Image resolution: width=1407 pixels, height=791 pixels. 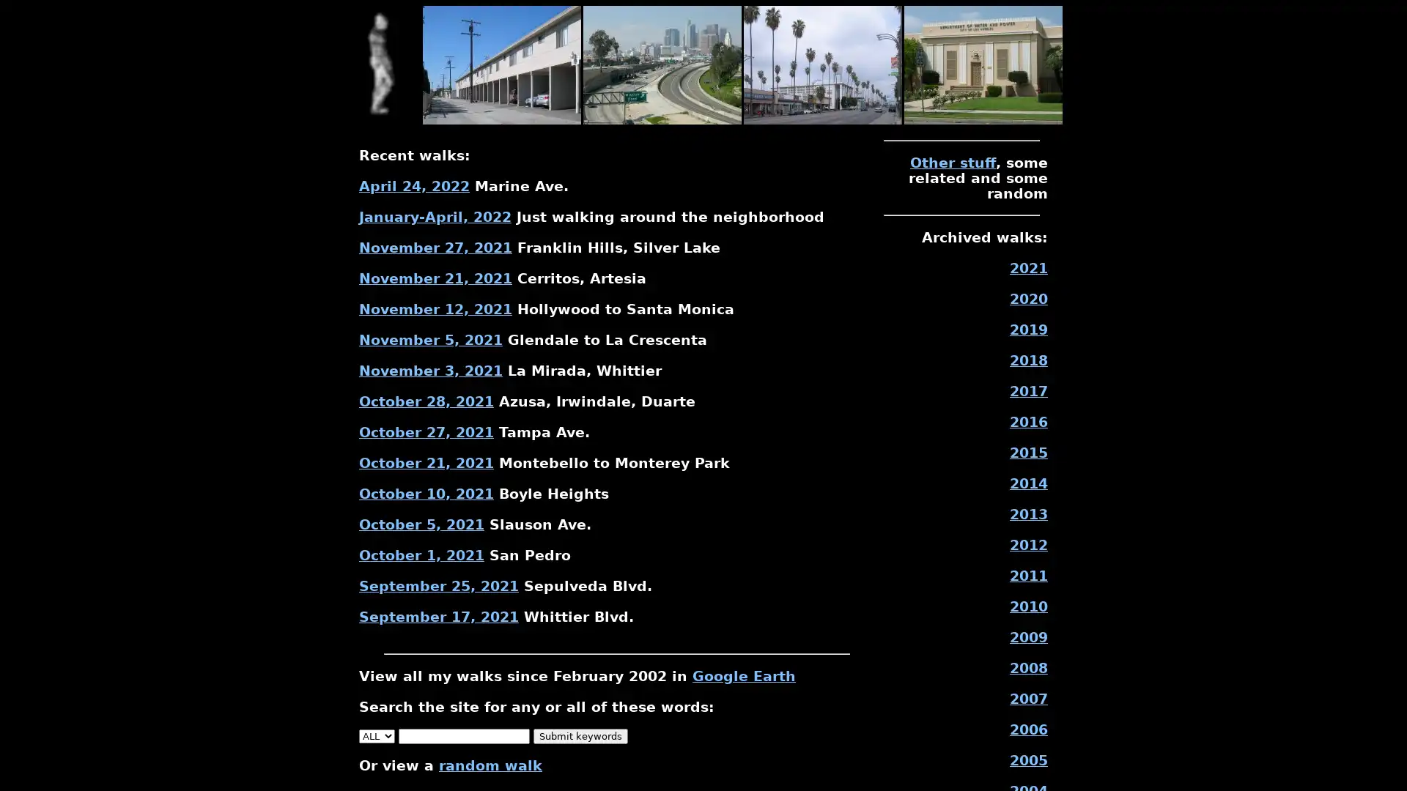 I want to click on Submit keywords, so click(x=580, y=735).